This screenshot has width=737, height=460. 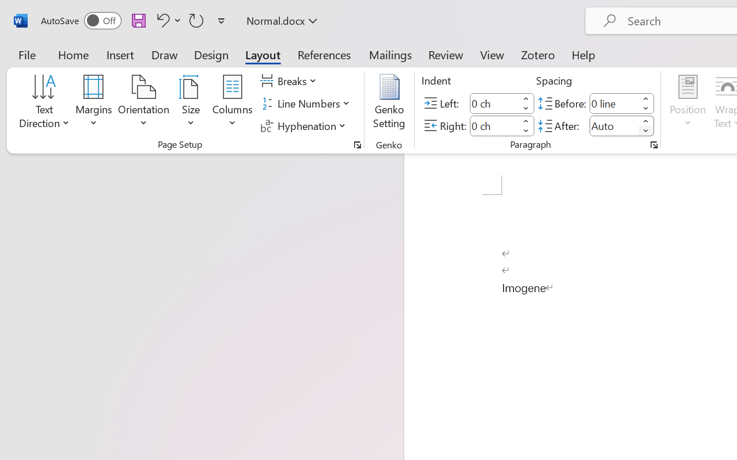 What do you see at coordinates (232, 103) in the screenshot?
I see `'Columns'` at bounding box center [232, 103].